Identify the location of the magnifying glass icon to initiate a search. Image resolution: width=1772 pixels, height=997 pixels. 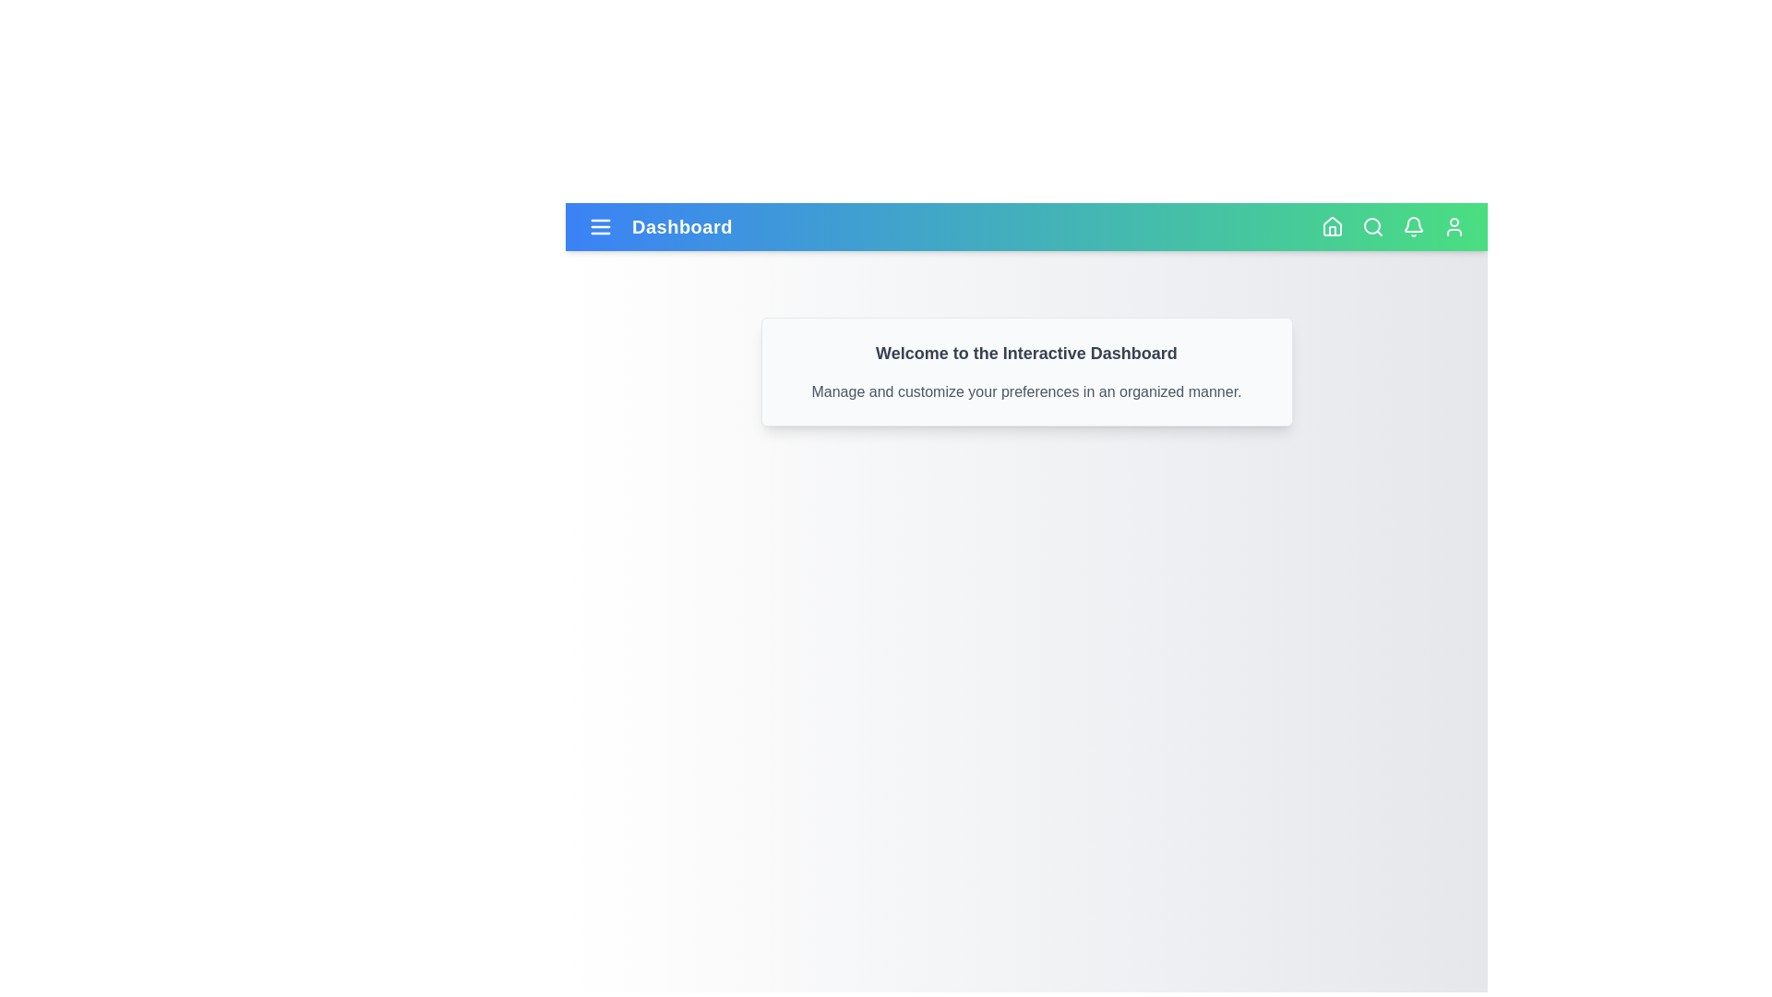
(1373, 226).